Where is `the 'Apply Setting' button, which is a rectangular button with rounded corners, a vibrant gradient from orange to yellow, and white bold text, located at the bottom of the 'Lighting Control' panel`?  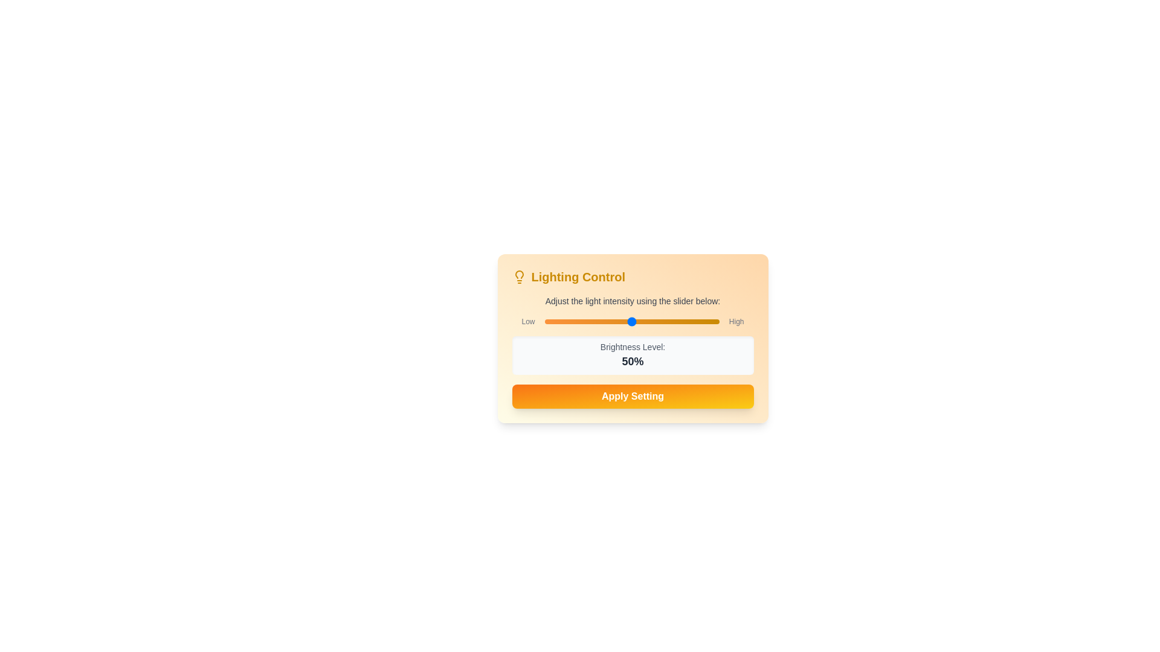
the 'Apply Setting' button, which is a rectangular button with rounded corners, a vibrant gradient from orange to yellow, and white bold text, located at the bottom of the 'Lighting Control' panel is located at coordinates (632, 396).